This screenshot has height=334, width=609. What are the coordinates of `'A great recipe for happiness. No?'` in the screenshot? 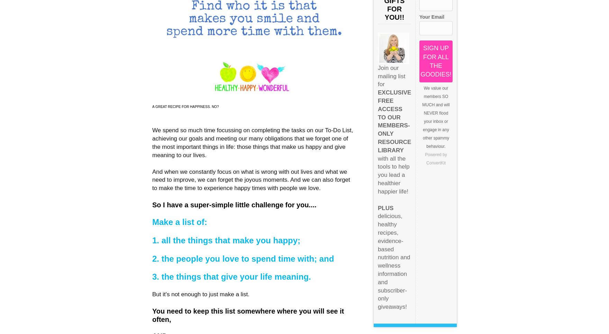 It's located at (185, 106).